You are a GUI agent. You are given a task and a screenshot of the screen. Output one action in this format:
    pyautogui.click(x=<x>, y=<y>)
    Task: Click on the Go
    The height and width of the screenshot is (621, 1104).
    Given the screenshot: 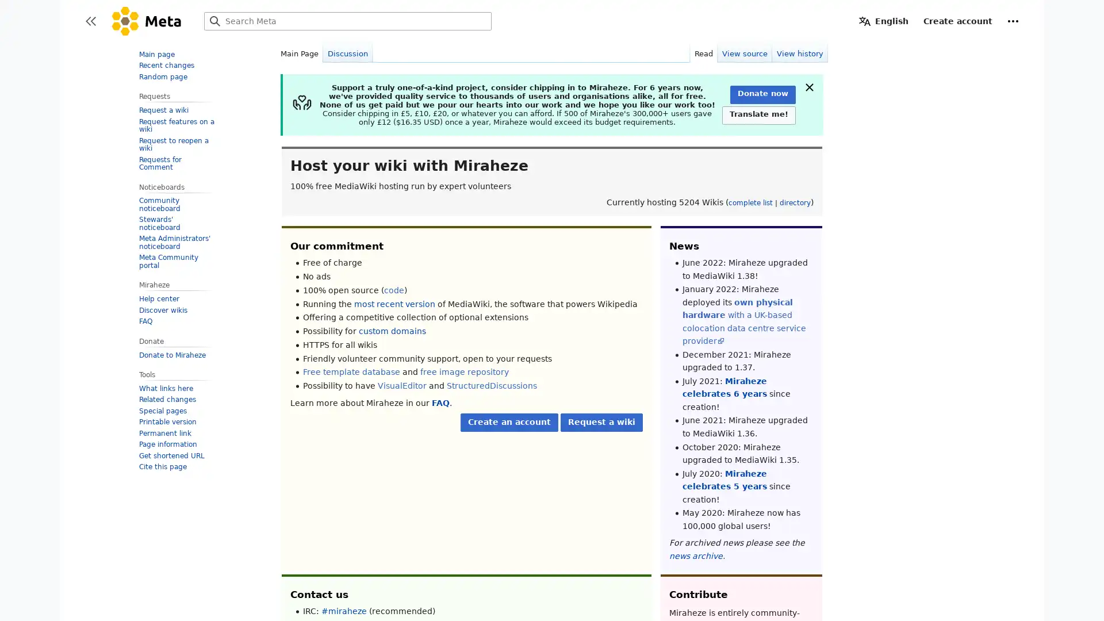 What is the action you would take?
    pyautogui.click(x=215, y=21)
    